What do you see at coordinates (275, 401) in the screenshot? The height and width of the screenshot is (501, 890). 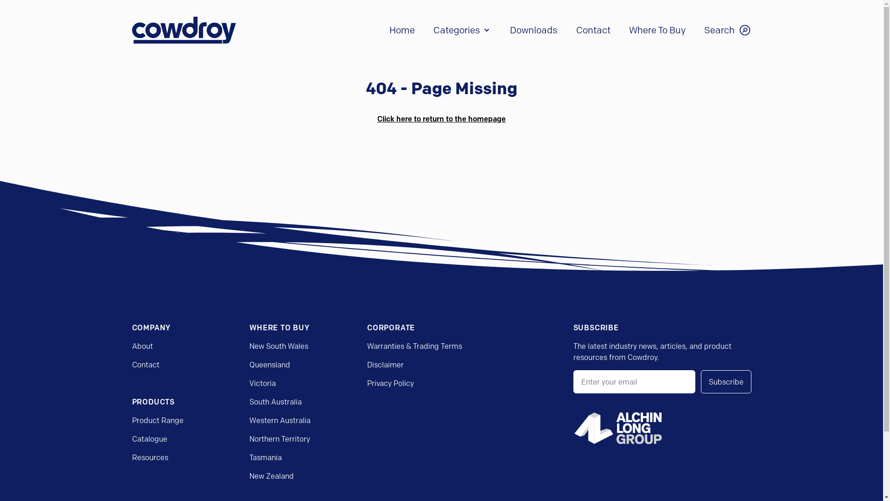 I see `'South Australia'` at bounding box center [275, 401].